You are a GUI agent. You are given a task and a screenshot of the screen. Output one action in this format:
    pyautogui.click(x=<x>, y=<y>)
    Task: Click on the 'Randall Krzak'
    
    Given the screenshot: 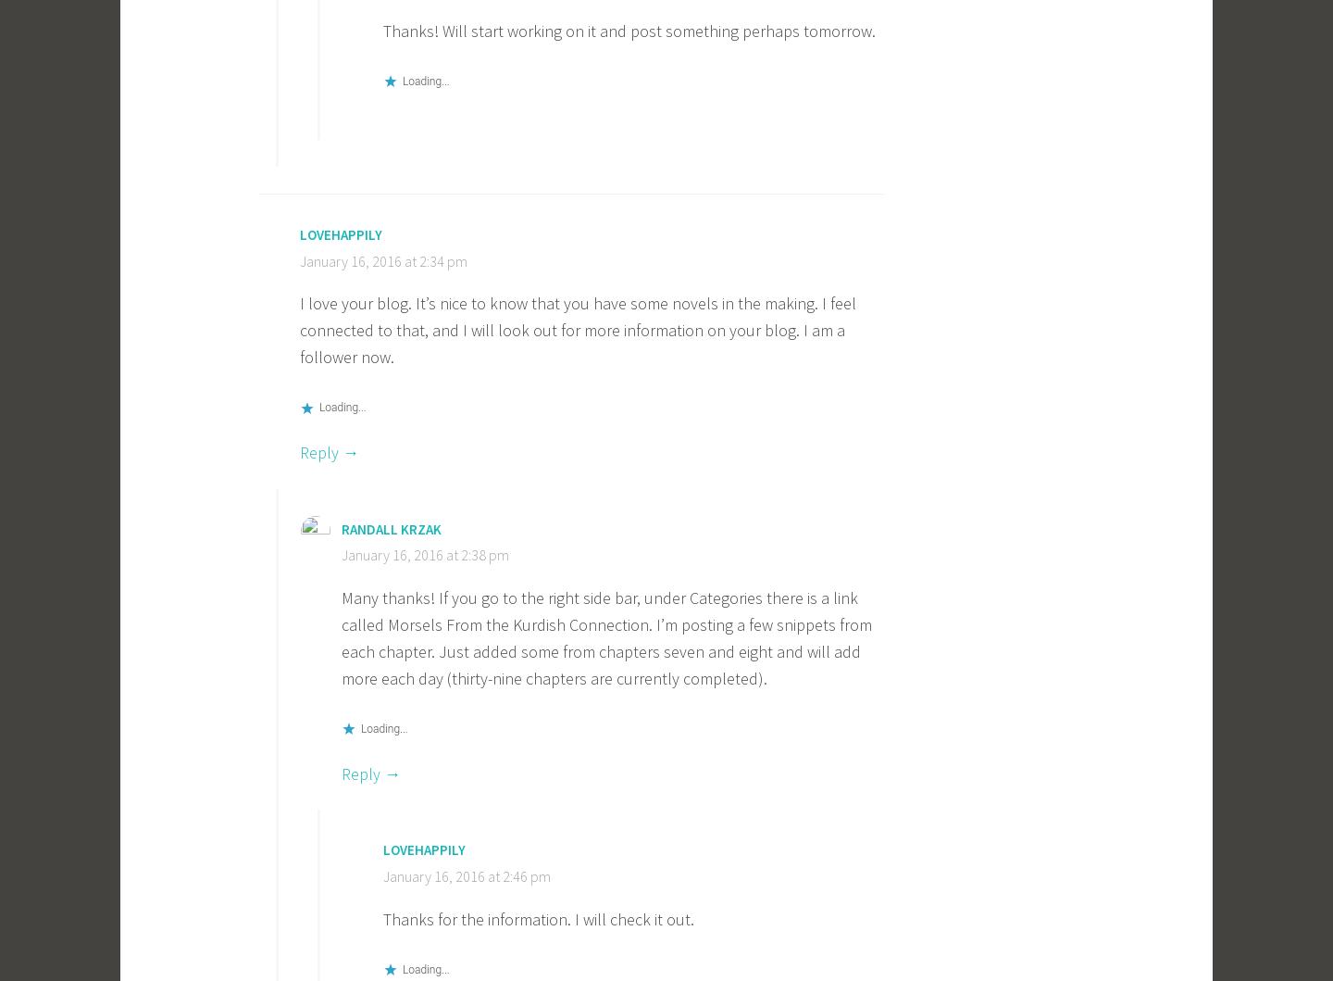 What is the action you would take?
    pyautogui.click(x=391, y=527)
    